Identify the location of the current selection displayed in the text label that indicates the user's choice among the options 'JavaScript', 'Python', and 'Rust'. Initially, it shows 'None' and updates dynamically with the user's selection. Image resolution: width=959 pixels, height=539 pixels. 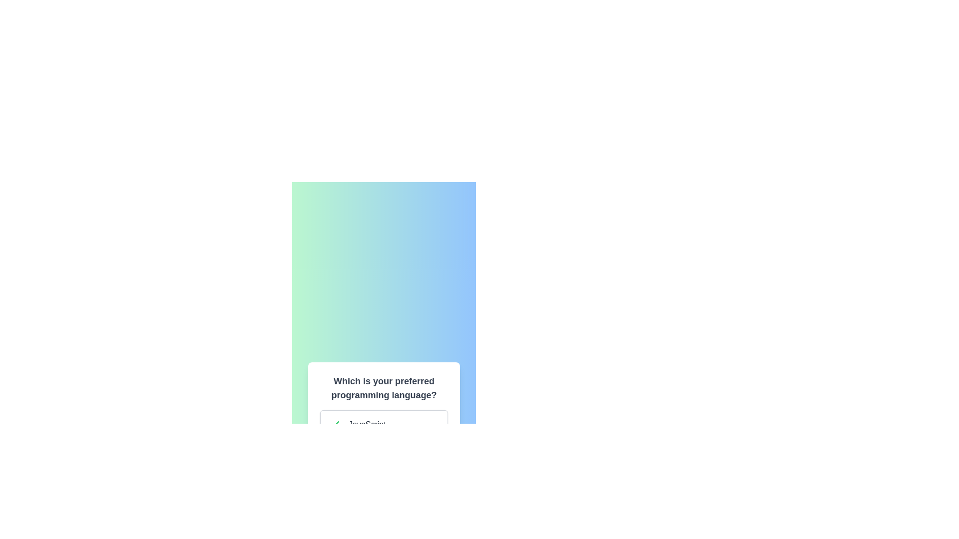
(383, 523).